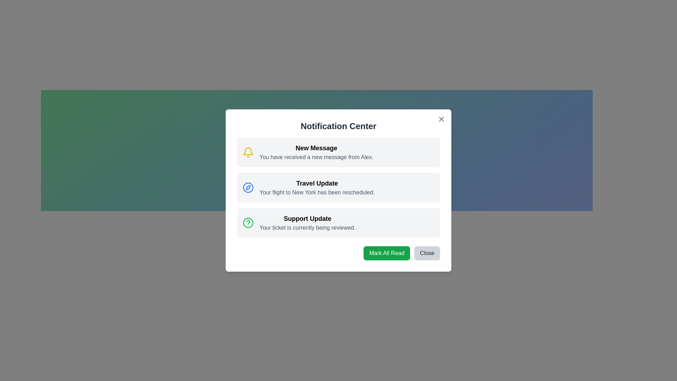  I want to click on the blue compass icon located beside the 'Travel Update' notification text in the Notification Center, so click(248, 187).